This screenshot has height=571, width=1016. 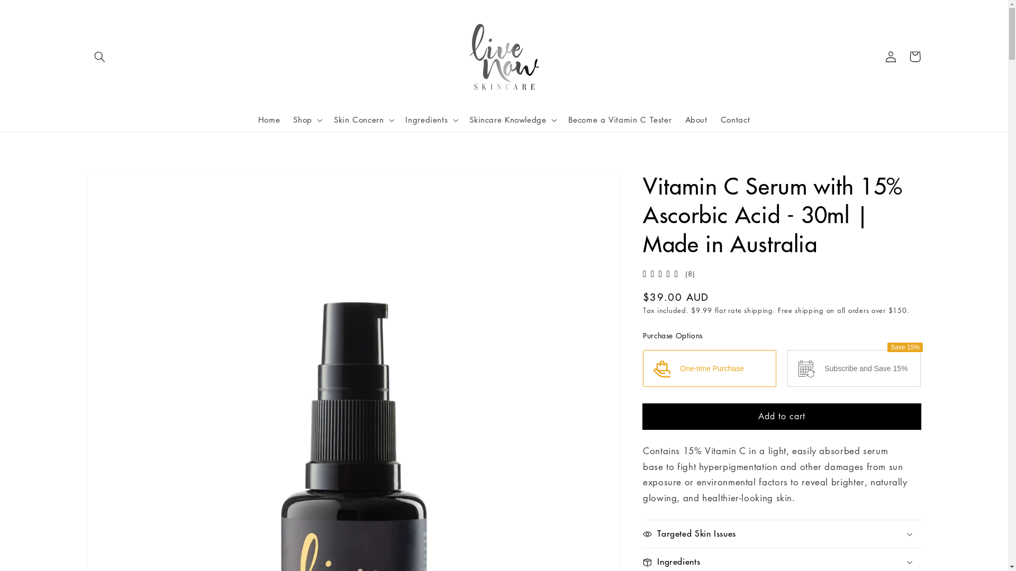 I want to click on 'Contact', so click(x=734, y=119).